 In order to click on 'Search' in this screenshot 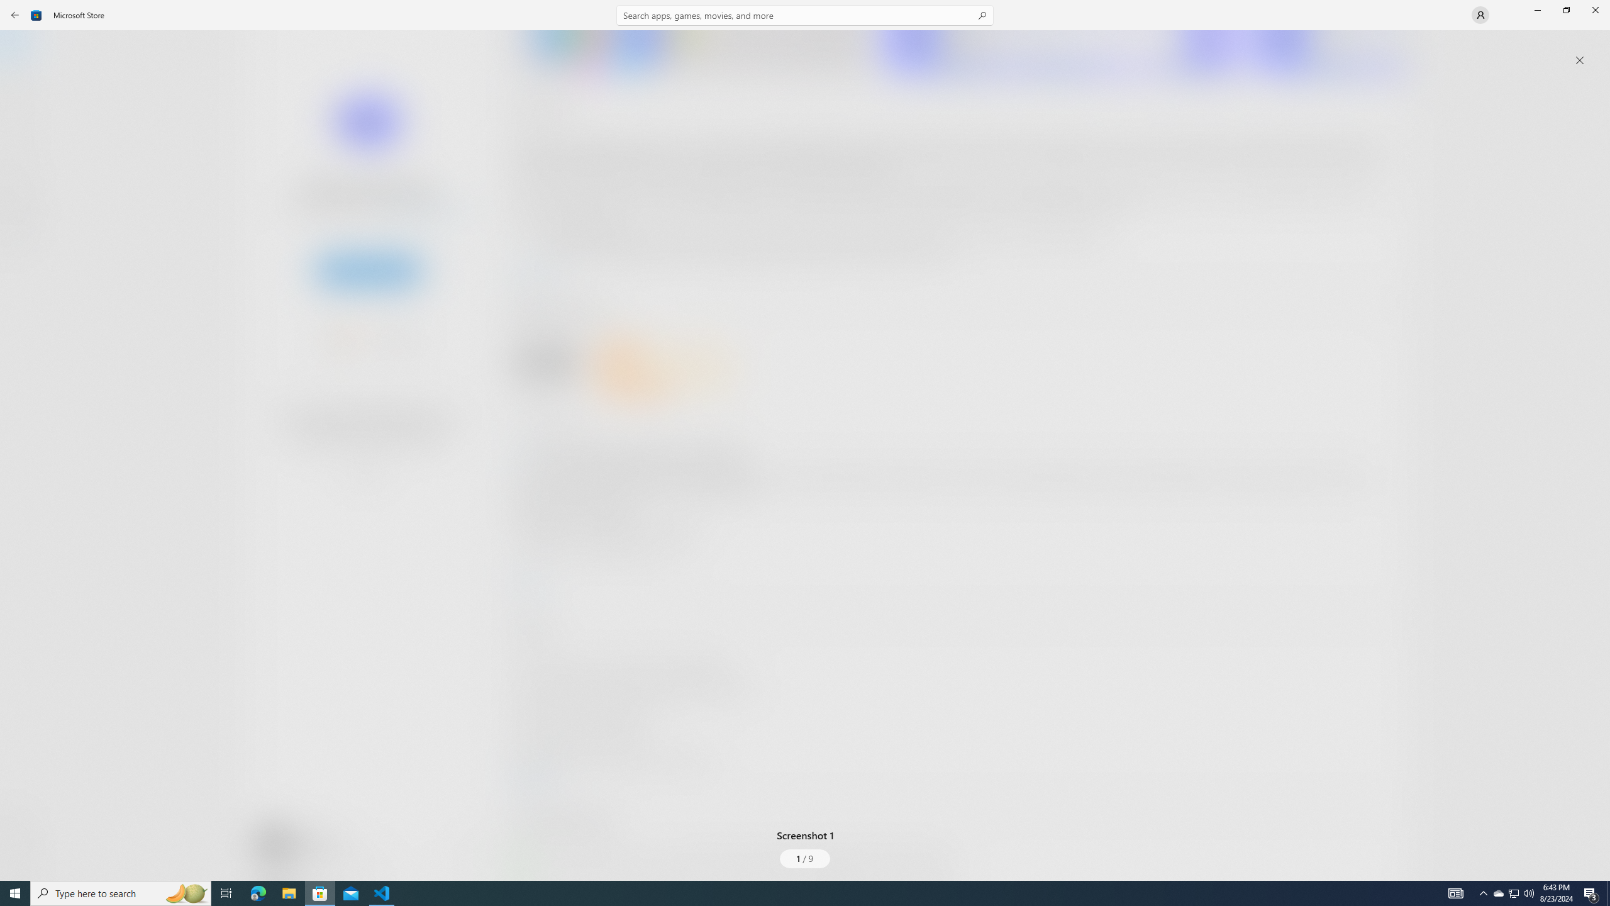, I will do `click(805, 14)`.